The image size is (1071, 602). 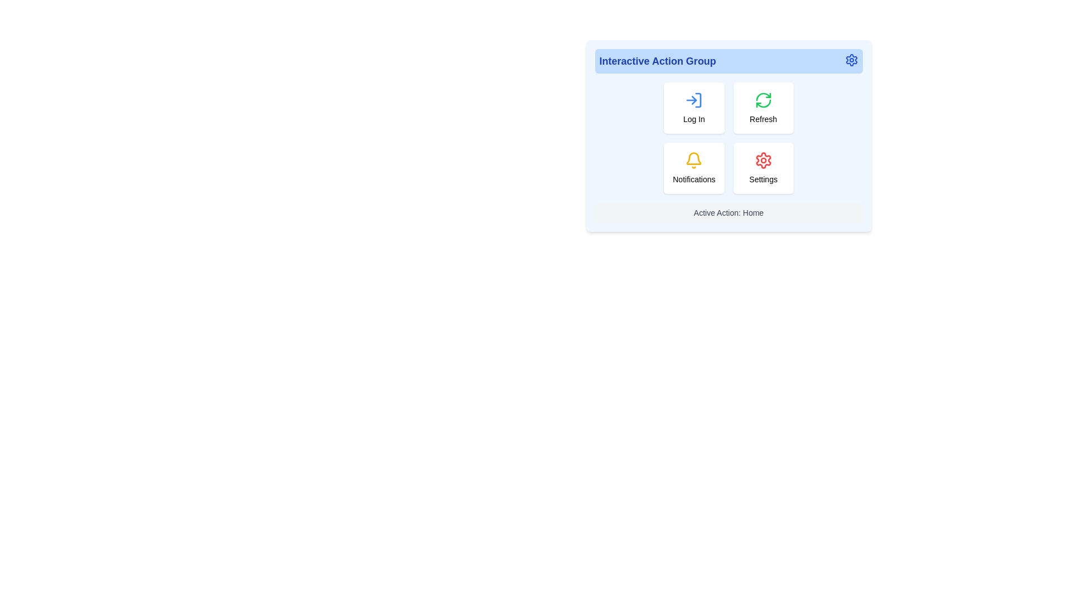 I want to click on the notification management button located in the lower-left quadrant of the 'Interactive Action Group' section, so click(x=693, y=168).